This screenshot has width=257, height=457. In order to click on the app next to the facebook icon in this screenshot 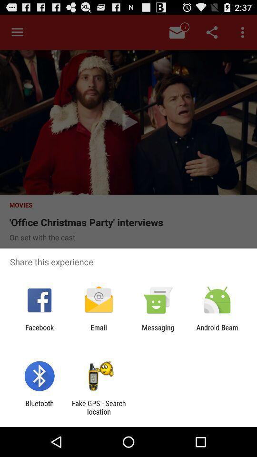, I will do `click(98, 331)`.